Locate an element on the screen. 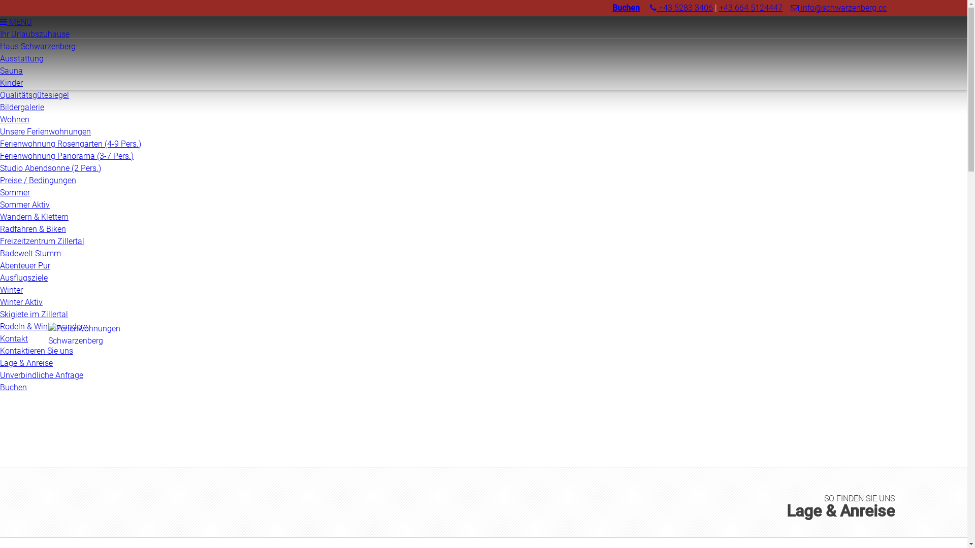  'Freizeitzentrum Zillertal' is located at coordinates (41, 241).